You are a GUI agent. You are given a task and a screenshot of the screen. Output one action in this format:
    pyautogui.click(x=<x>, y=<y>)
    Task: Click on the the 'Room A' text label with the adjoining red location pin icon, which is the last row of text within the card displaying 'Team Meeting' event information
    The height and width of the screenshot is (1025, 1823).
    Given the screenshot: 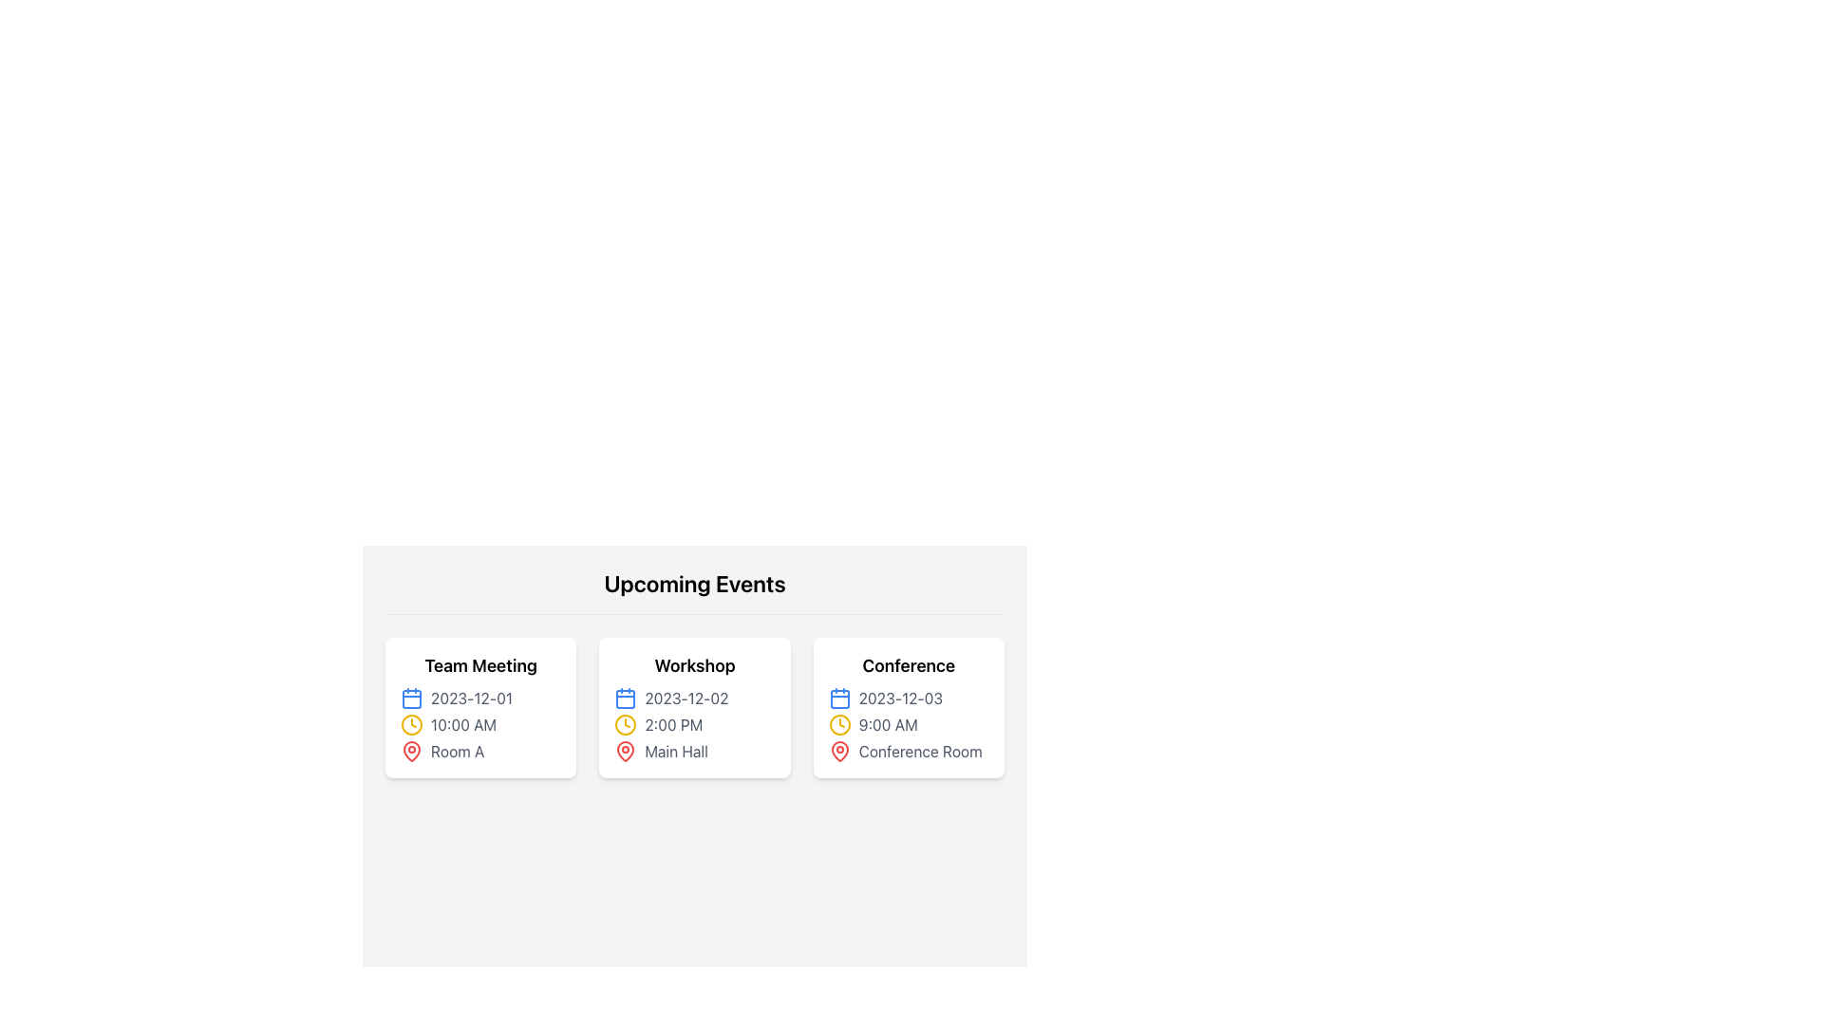 What is the action you would take?
    pyautogui.click(x=480, y=750)
    